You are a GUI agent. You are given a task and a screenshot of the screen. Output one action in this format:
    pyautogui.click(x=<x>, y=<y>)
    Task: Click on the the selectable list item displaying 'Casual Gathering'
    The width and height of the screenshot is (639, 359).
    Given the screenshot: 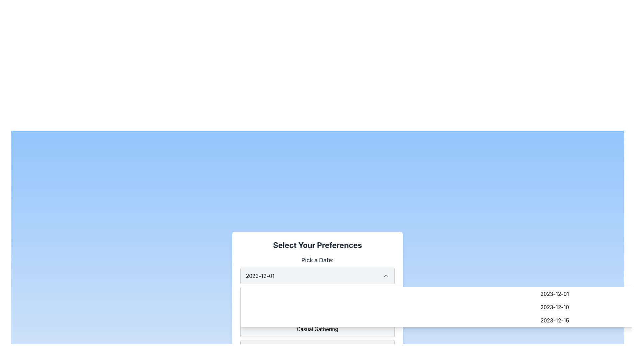 What is the action you would take?
    pyautogui.click(x=317, y=329)
    